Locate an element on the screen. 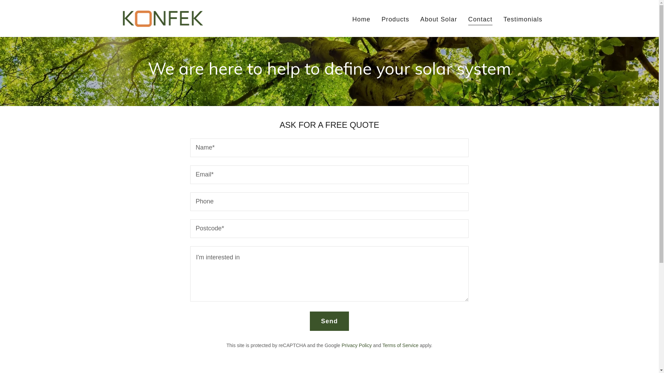 Image resolution: width=664 pixels, height=373 pixels. 'Contact' is located at coordinates (480, 20).